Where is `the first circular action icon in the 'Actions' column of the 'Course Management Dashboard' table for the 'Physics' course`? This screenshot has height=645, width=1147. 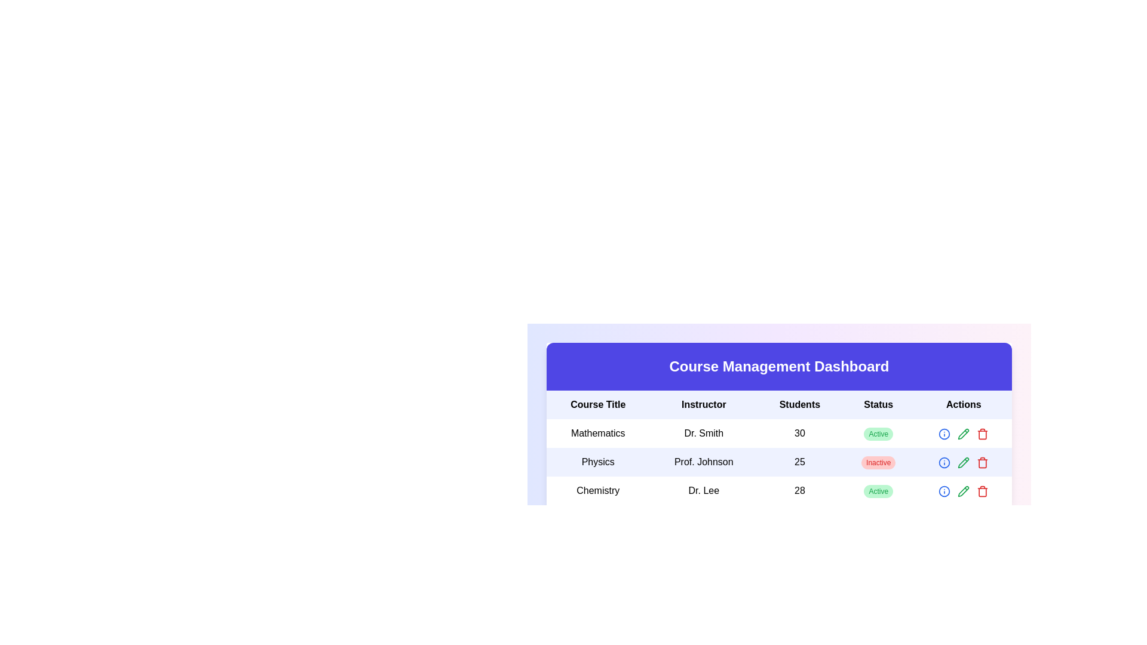
the first circular action icon in the 'Actions' column of the 'Course Management Dashboard' table for the 'Physics' course is located at coordinates (944, 462).